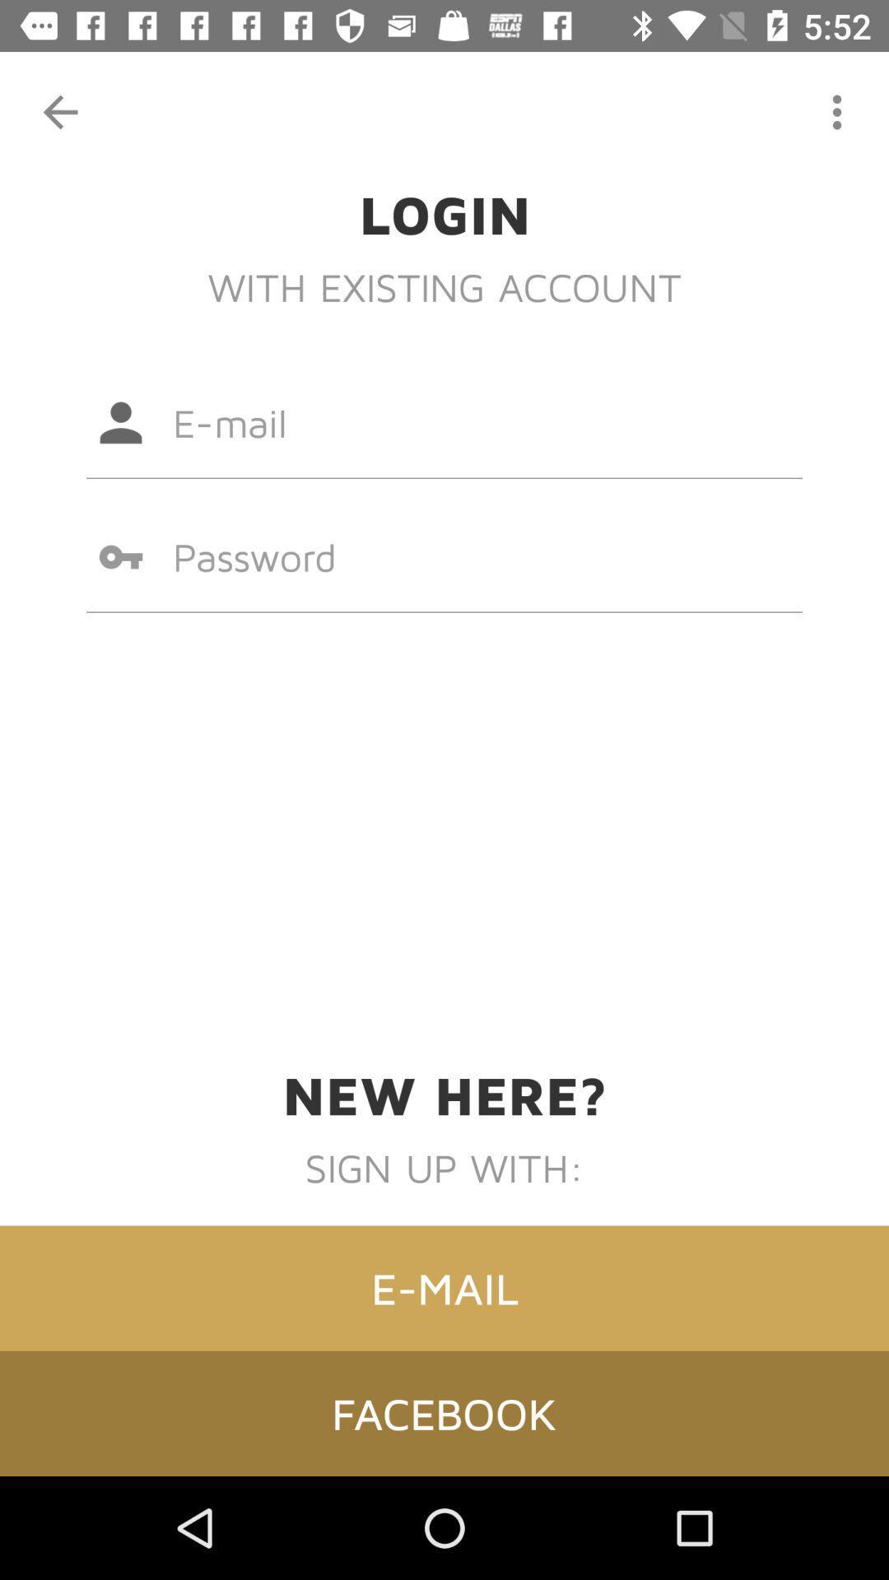 The image size is (889, 1580). Describe the element at coordinates (837, 111) in the screenshot. I see `the icon above the login item` at that location.